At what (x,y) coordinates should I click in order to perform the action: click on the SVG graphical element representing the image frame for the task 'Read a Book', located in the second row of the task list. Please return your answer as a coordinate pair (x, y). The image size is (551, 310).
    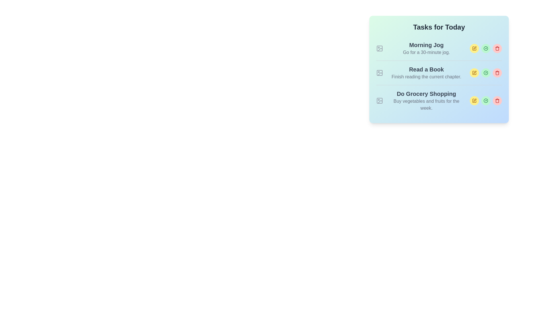
    Looking at the image, I should click on (380, 73).